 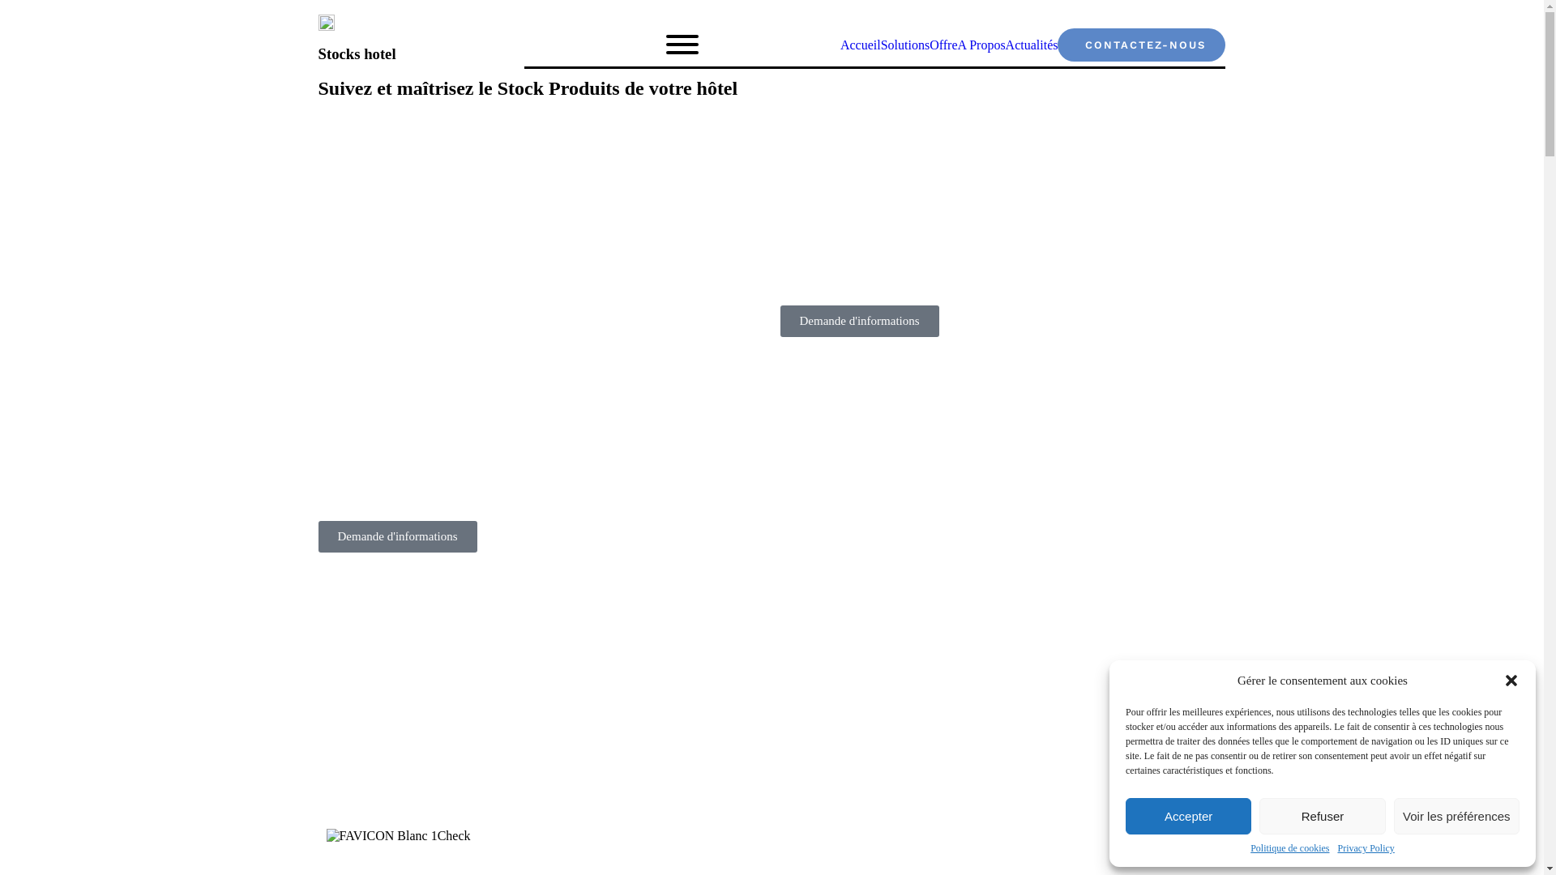 What do you see at coordinates (1140, 44) in the screenshot?
I see `'CONTACTEZ-NOUS'` at bounding box center [1140, 44].